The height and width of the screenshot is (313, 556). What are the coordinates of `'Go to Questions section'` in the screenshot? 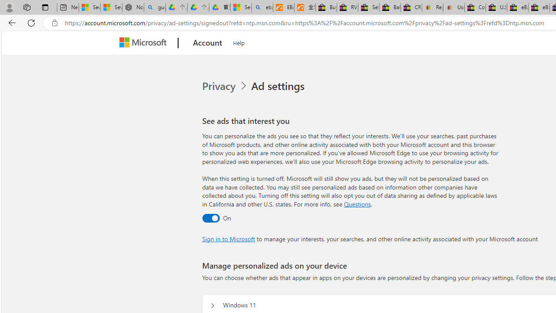 It's located at (357, 204).